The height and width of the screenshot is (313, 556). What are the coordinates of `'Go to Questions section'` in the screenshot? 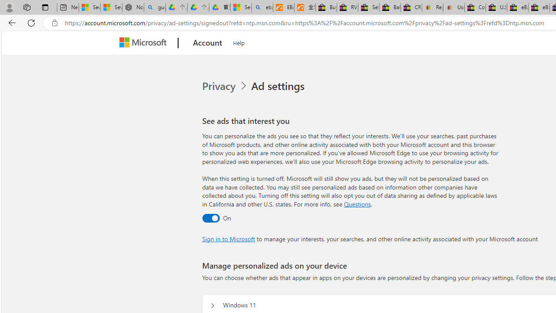 It's located at (357, 204).